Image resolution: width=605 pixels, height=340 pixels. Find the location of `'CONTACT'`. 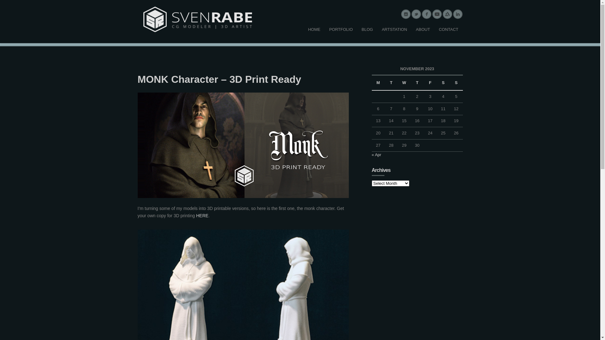

'CONTACT' is located at coordinates (448, 30).